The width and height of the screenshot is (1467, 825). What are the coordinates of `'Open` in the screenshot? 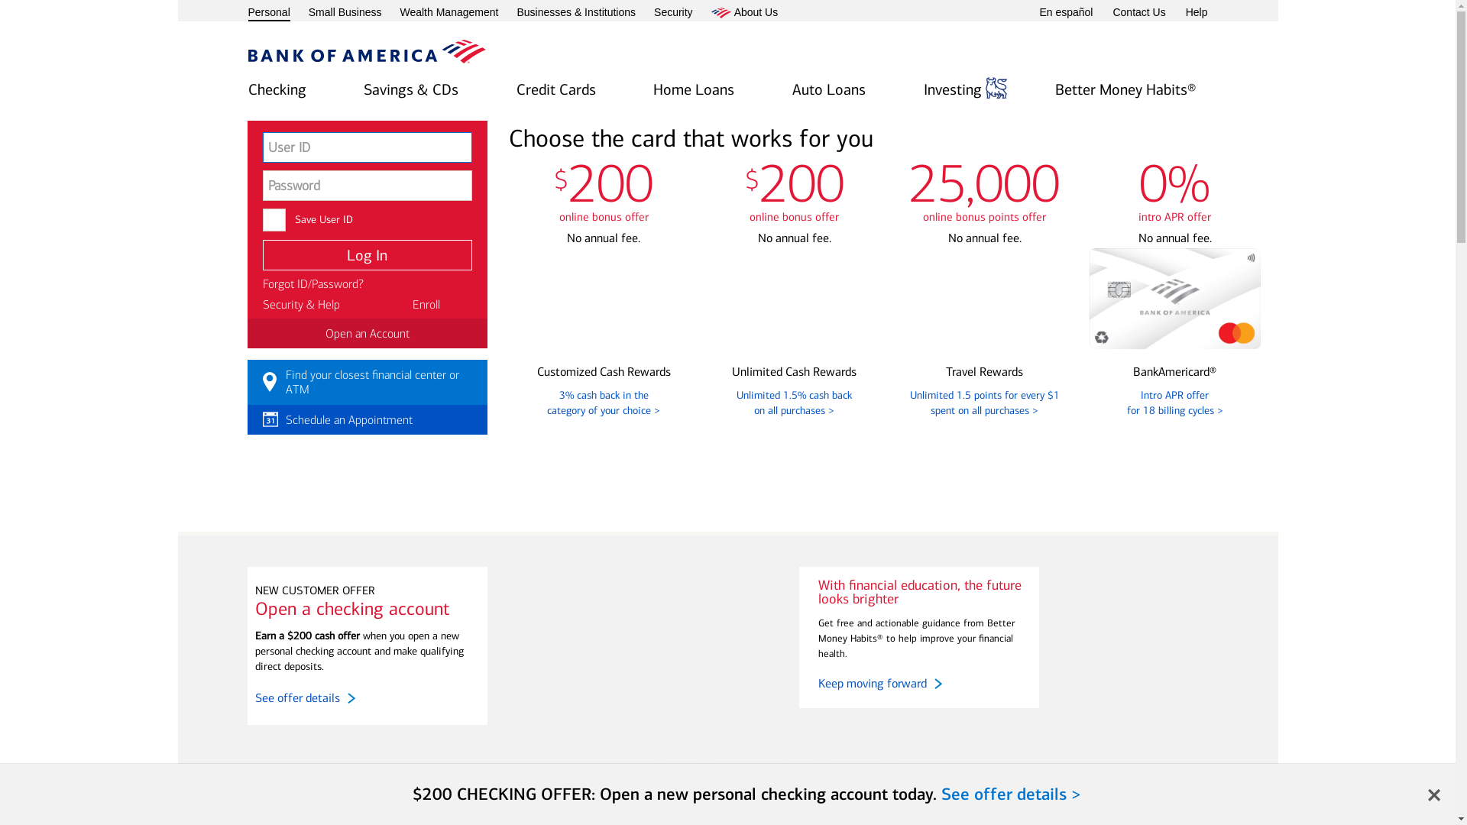 It's located at (410, 91).